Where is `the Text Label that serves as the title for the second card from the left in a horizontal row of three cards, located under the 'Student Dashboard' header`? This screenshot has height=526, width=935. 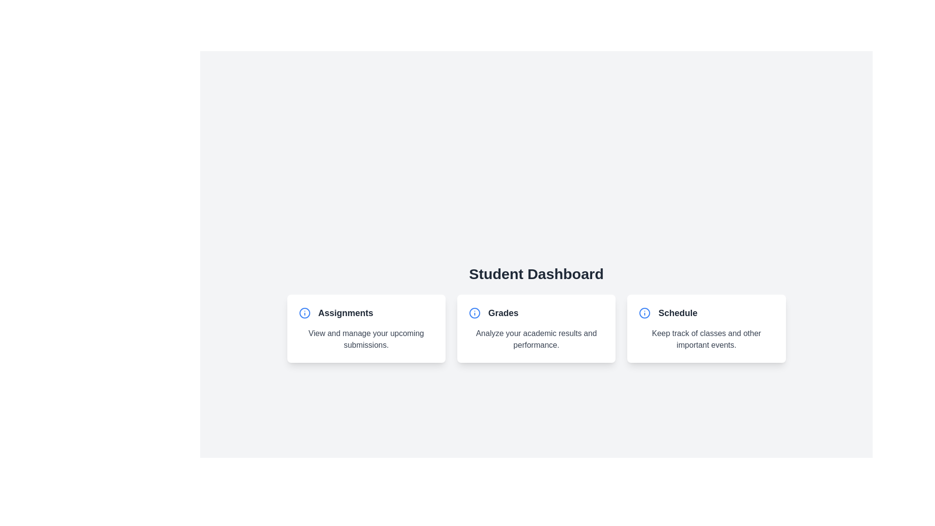 the Text Label that serves as the title for the second card from the left in a horizontal row of three cards, located under the 'Student Dashboard' header is located at coordinates (503, 313).